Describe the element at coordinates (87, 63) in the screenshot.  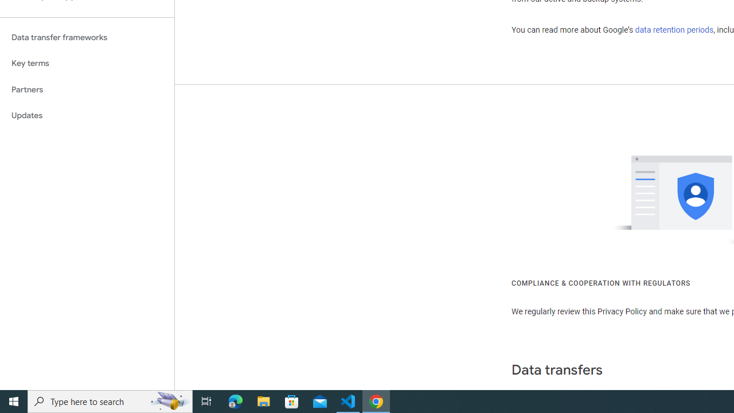
I see `'Key terms'` at that location.